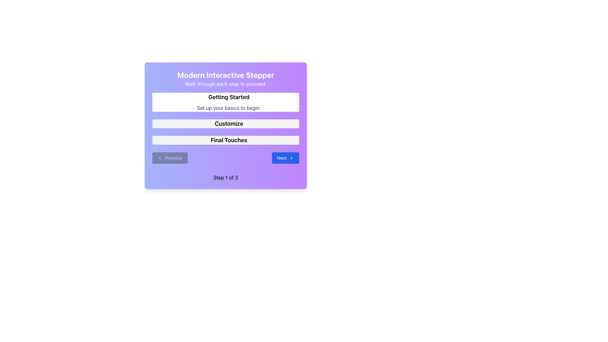 Image resolution: width=608 pixels, height=342 pixels. What do you see at coordinates (229, 140) in the screenshot?
I see `text of the heading labeled 'Final Touches', which is styled in a bold, large font and located in a light gray rectangular background within the stepper interface` at bounding box center [229, 140].